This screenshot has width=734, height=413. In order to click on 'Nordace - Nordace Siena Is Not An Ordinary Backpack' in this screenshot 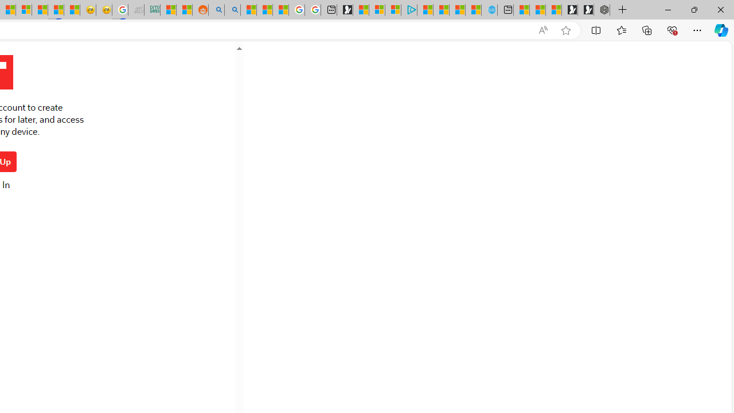, I will do `click(601, 10)`.